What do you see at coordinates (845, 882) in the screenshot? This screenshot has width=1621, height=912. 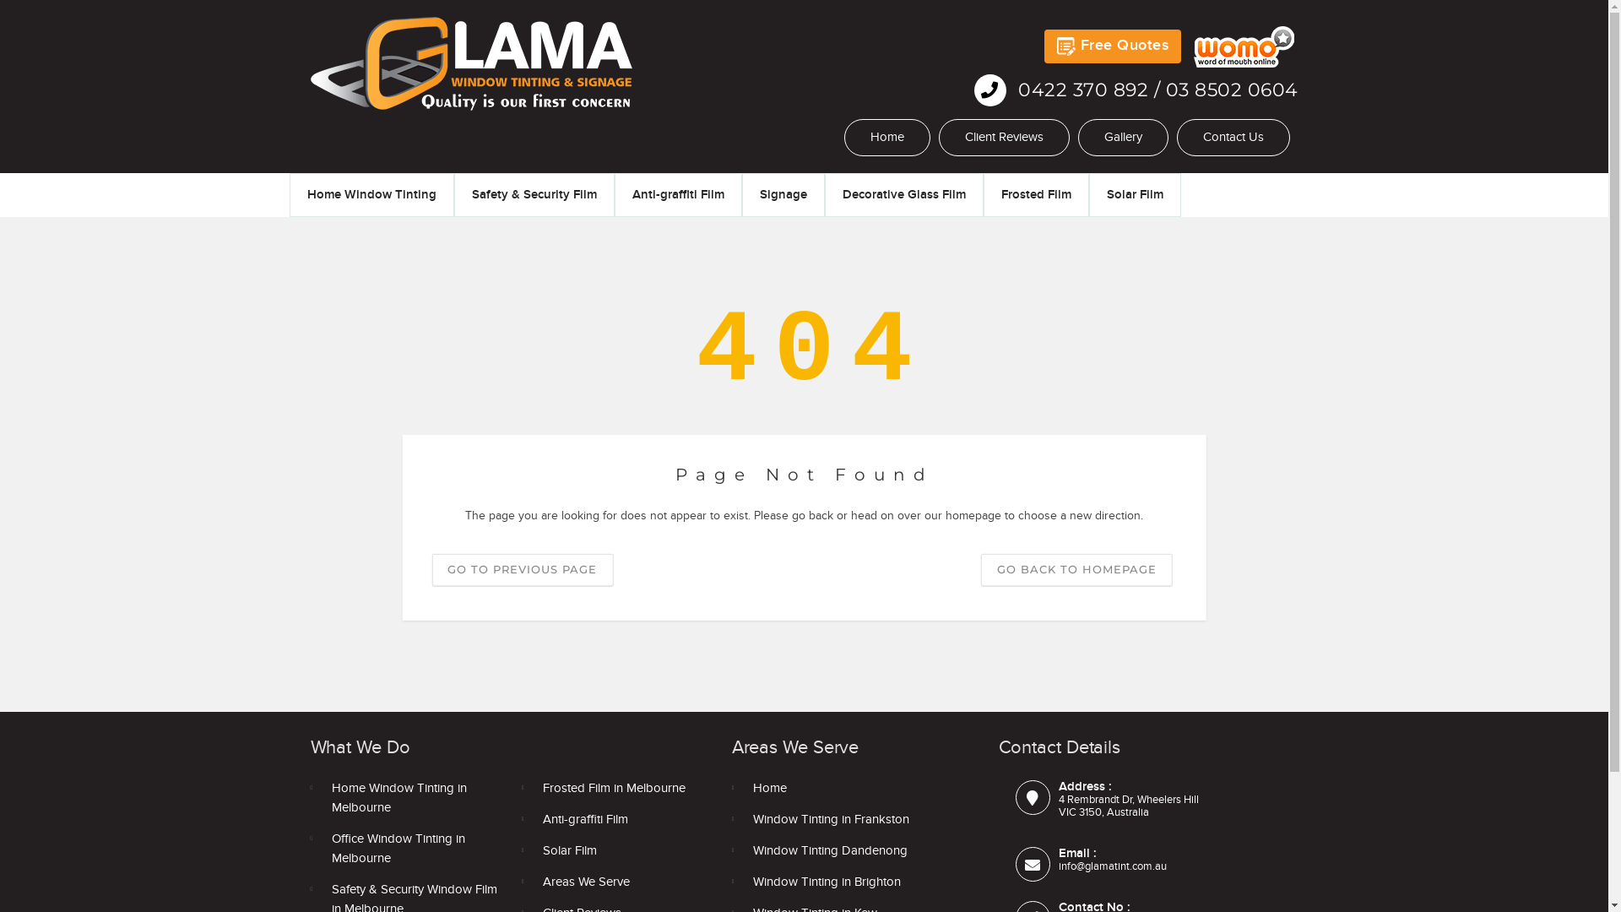 I see `'Window Tinting in Brighton'` at bounding box center [845, 882].